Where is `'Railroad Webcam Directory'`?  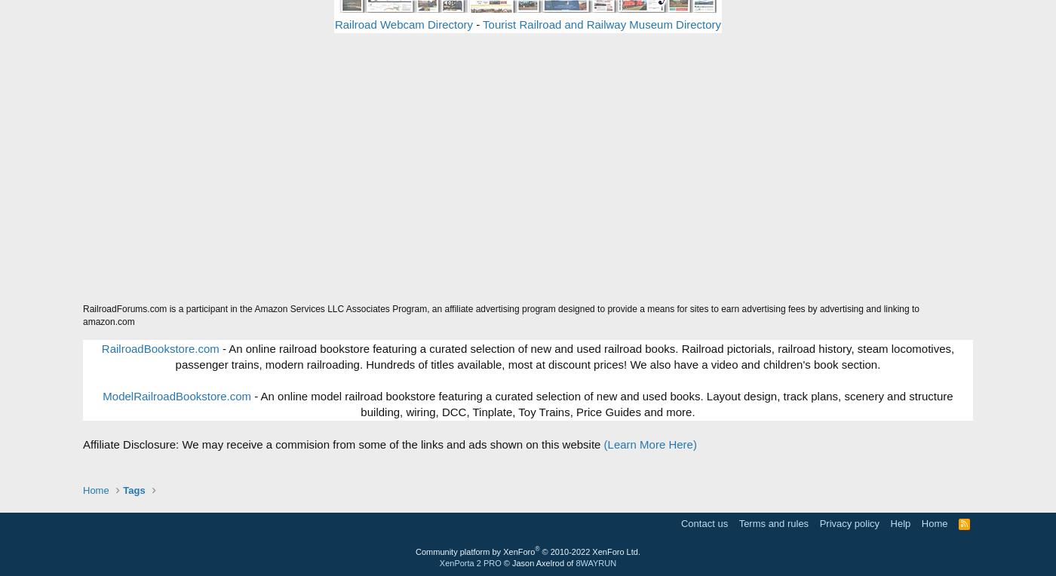 'Railroad Webcam Directory' is located at coordinates (403, 23).